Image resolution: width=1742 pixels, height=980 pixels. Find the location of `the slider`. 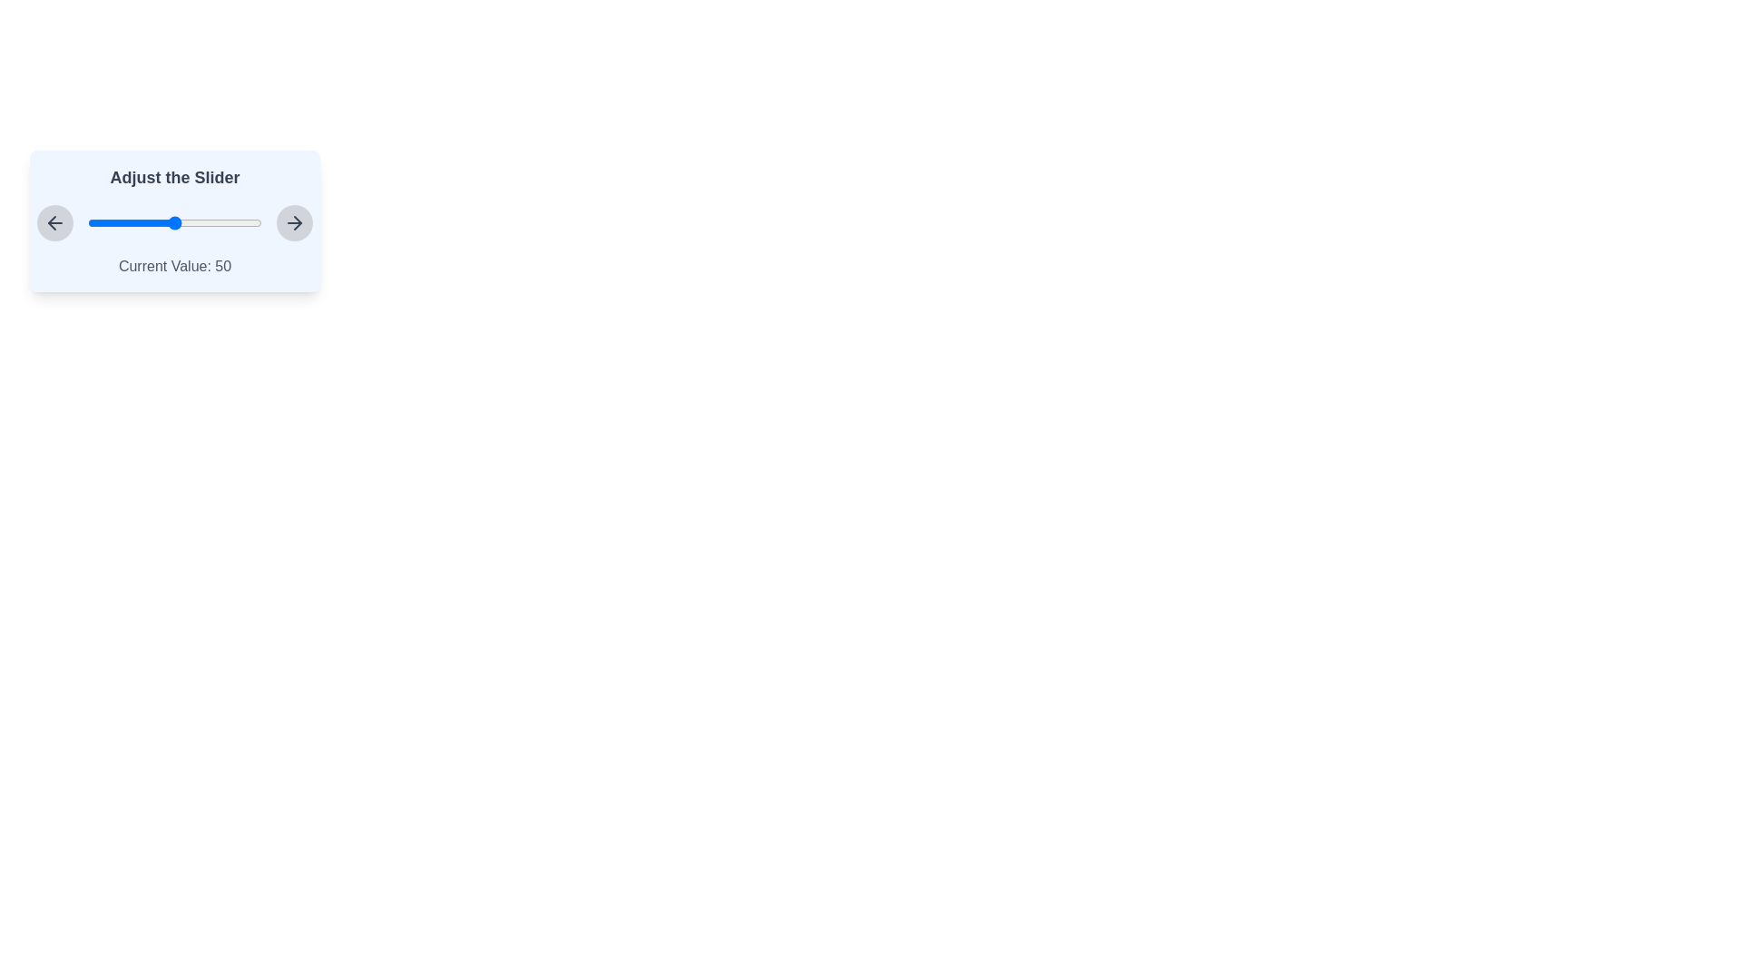

the slider is located at coordinates (213, 222).